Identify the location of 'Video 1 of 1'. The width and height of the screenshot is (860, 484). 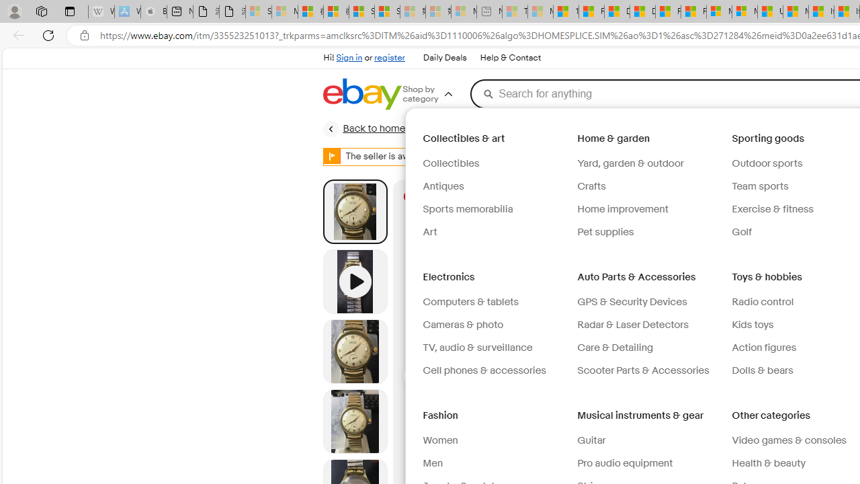
(355, 280).